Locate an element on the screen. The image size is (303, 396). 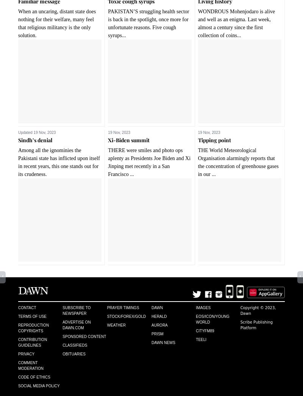
'Reproduction Copyrights' is located at coordinates (33, 328).